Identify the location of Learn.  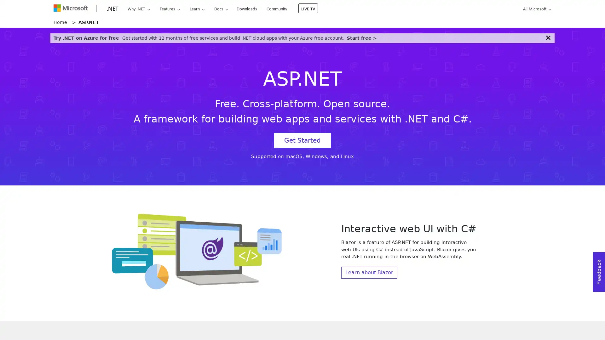
(196, 8).